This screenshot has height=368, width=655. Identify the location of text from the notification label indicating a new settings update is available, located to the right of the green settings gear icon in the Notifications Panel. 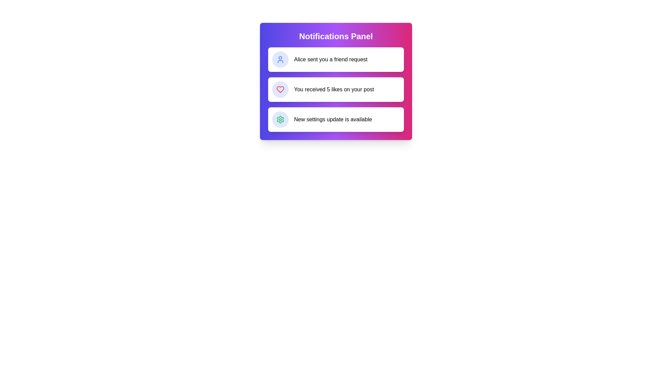
(333, 119).